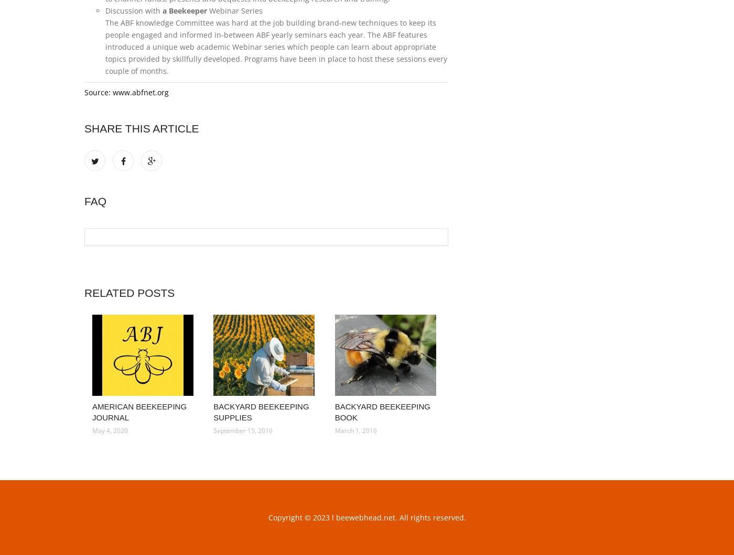 This screenshot has height=555, width=734. What do you see at coordinates (268, 517) in the screenshot?
I see `'Copyright © 2023 l beewebhead.net. All rights reserved.'` at bounding box center [268, 517].